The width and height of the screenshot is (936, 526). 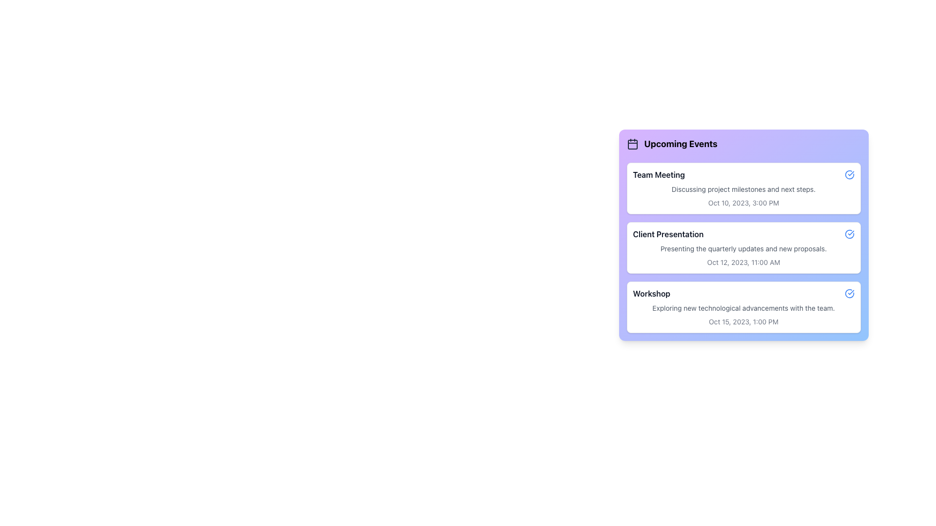 What do you see at coordinates (849, 174) in the screenshot?
I see `the small blue icon with a checkmark inside it located at the top-right corner of the 'Team Meeting' card in the 'Upcoming Events' section to change its color` at bounding box center [849, 174].